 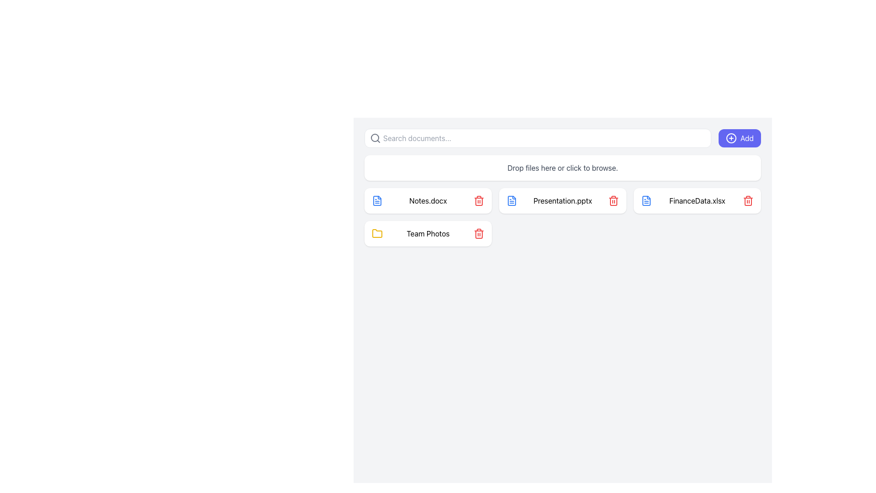 I want to click on the yellow folder icon representing 'Team Photos', which is located in the top-left corner of the section containing the item, so click(x=377, y=233).